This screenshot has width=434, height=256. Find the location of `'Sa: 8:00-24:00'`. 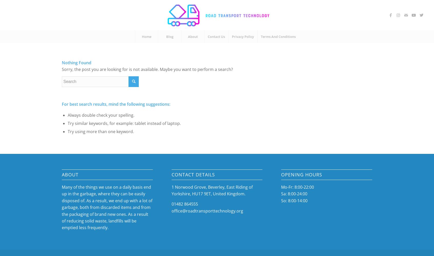

'Sa: 8:00-24:00' is located at coordinates (294, 194).